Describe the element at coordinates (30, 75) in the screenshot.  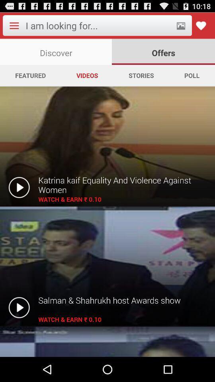
I see `the app next to videos icon` at that location.